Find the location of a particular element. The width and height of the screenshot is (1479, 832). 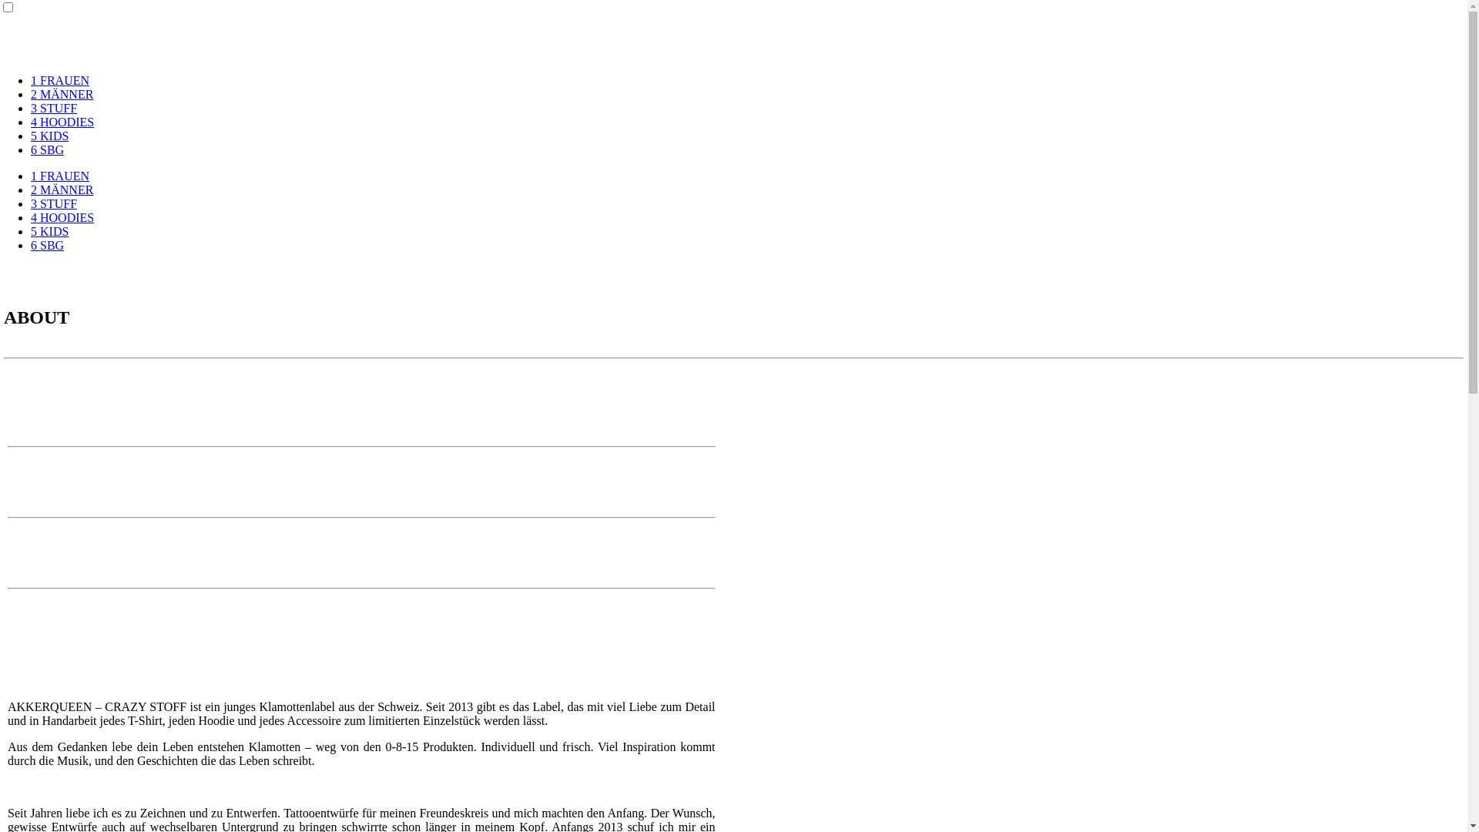

'5 KIDS' is located at coordinates (49, 231).